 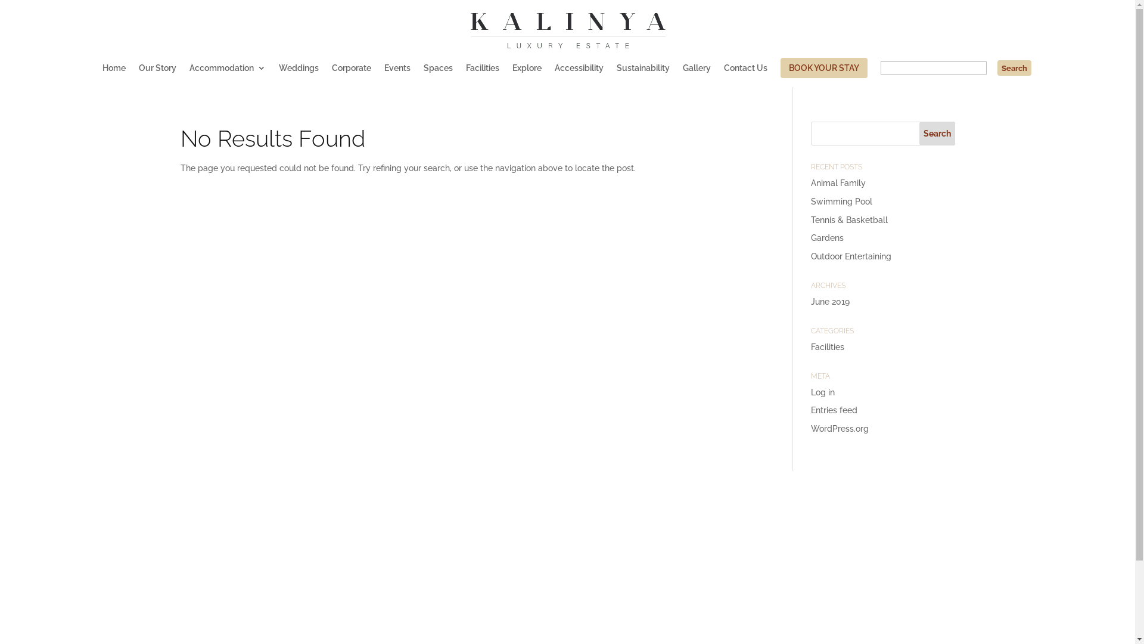 I want to click on 'Log in', so click(x=822, y=392).